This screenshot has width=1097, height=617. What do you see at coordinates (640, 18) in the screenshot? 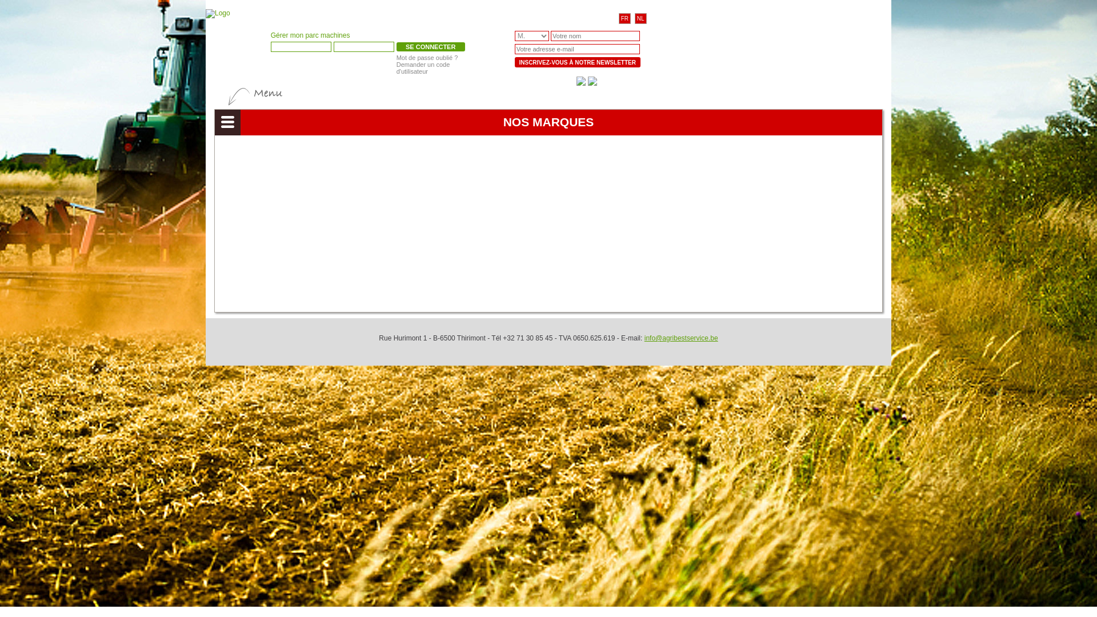
I see `'NL'` at bounding box center [640, 18].